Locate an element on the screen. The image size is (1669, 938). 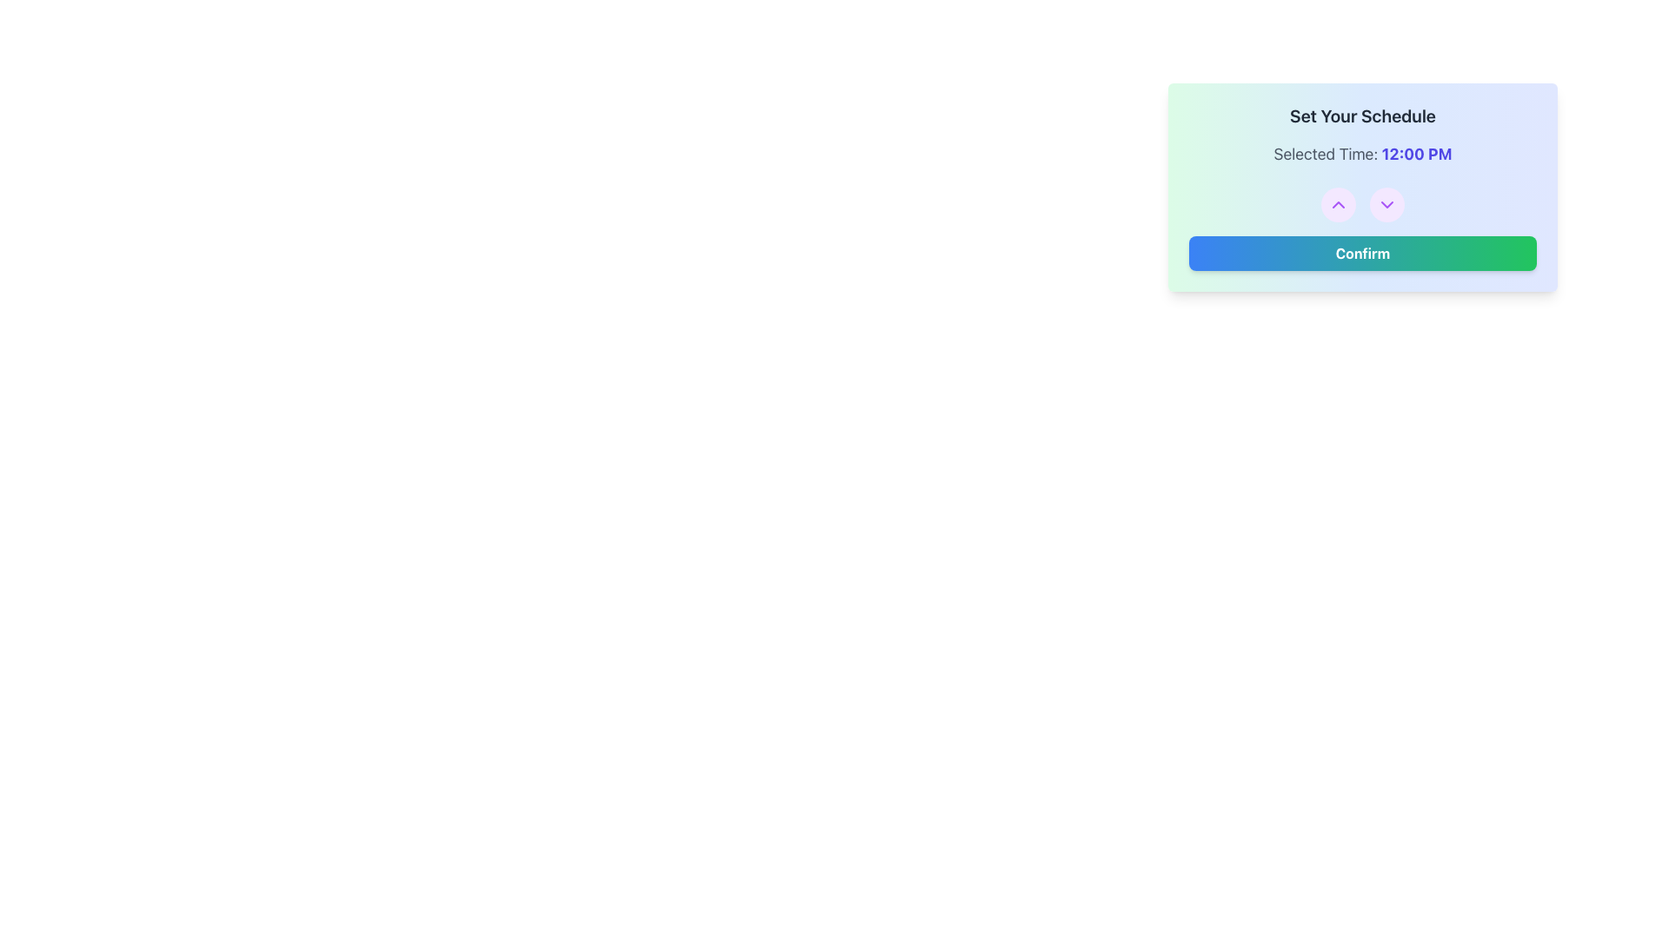
the circular button with a soft purple background and a dark purple downward-facing chevron to decrease the time, located beneath the 'Selected Time: 12:00 PM' display is located at coordinates (1386, 203).